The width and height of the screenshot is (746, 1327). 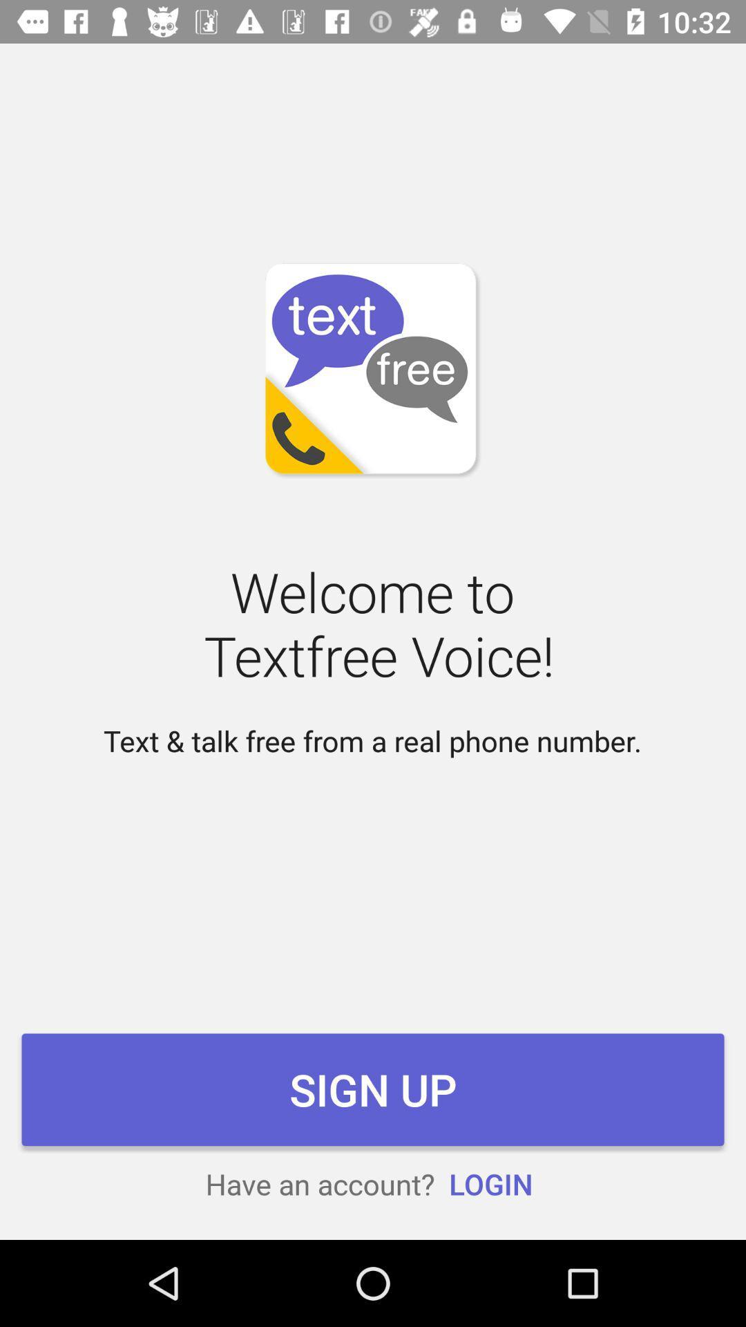 What do you see at coordinates (490, 1183) in the screenshot?
I see `login` at bounding box center [490, 1183].